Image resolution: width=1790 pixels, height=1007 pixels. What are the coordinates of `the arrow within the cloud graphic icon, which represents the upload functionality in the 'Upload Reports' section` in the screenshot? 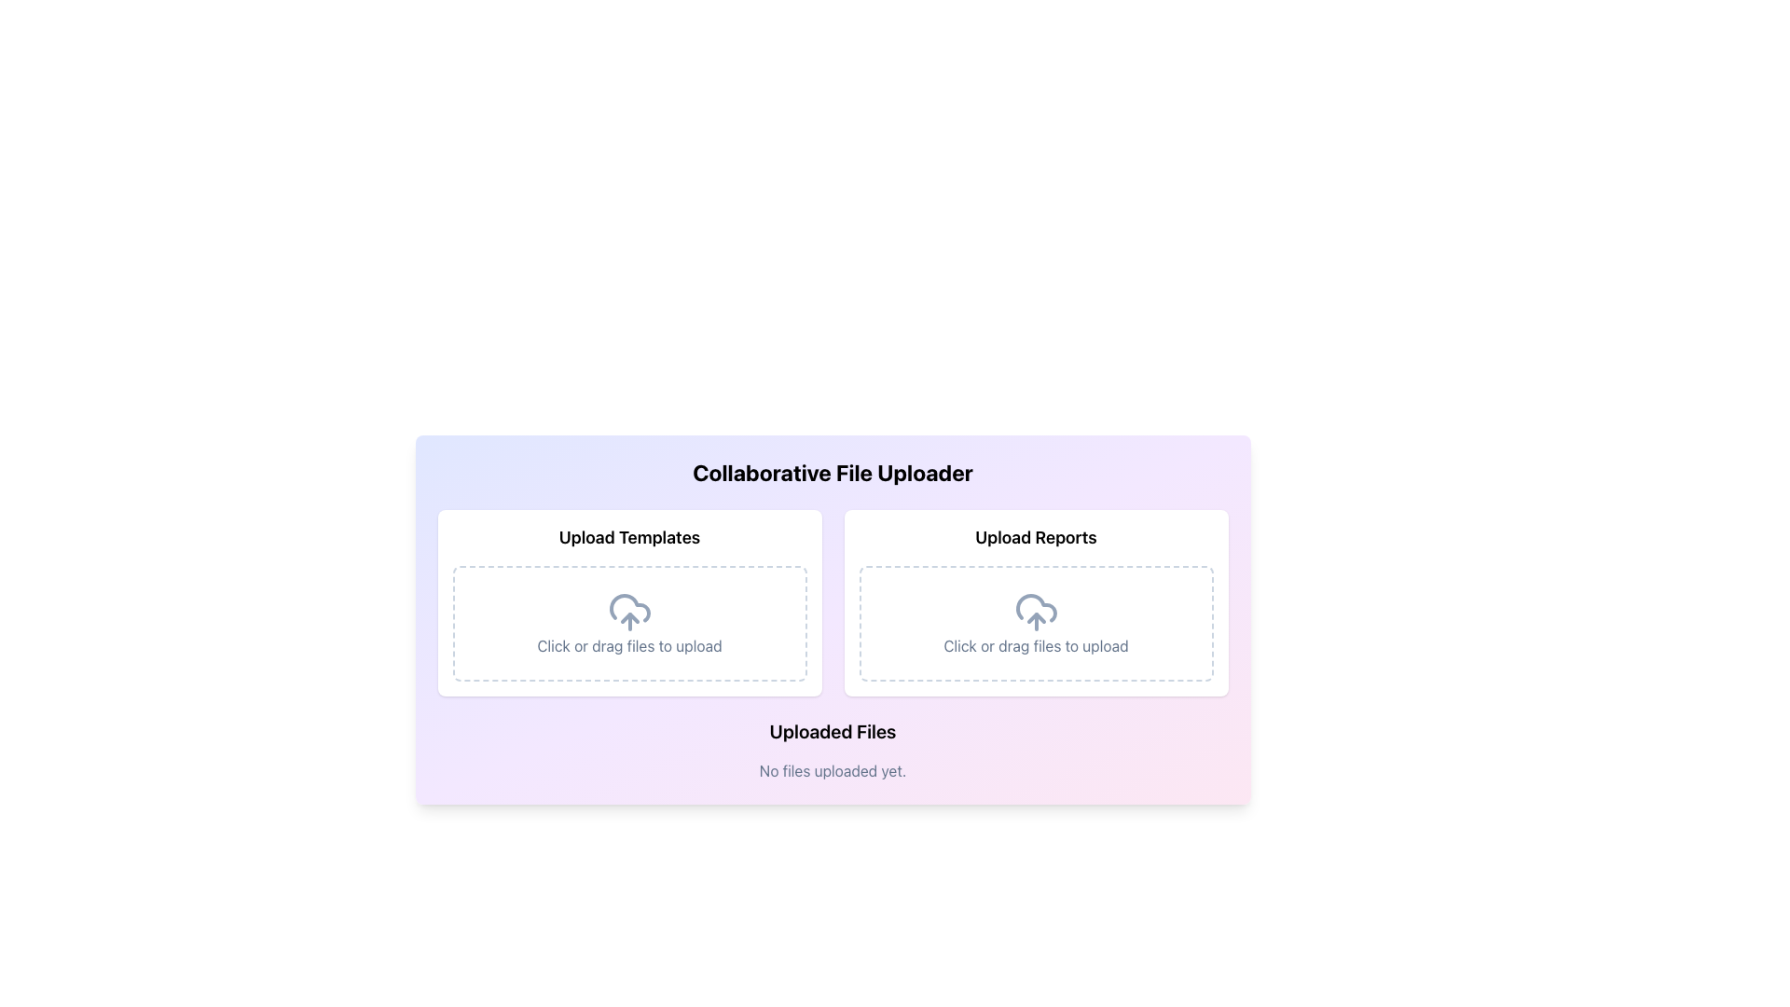 It's located at (1035, 618).